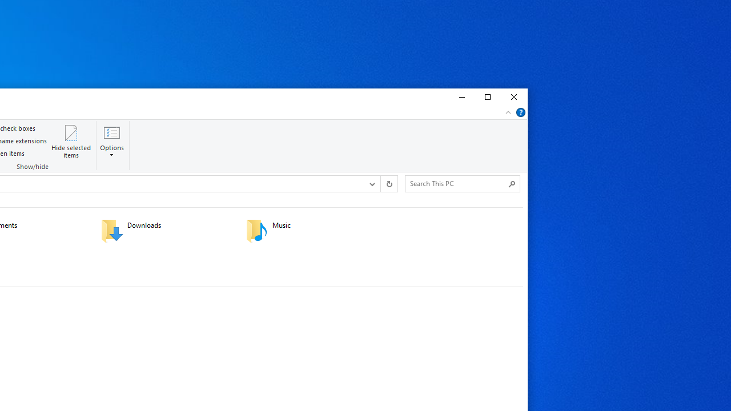  Describe the element at coordinates (388, 183) in the screenshot. I see `'Refresh "This PC" (F5)'` at that location.